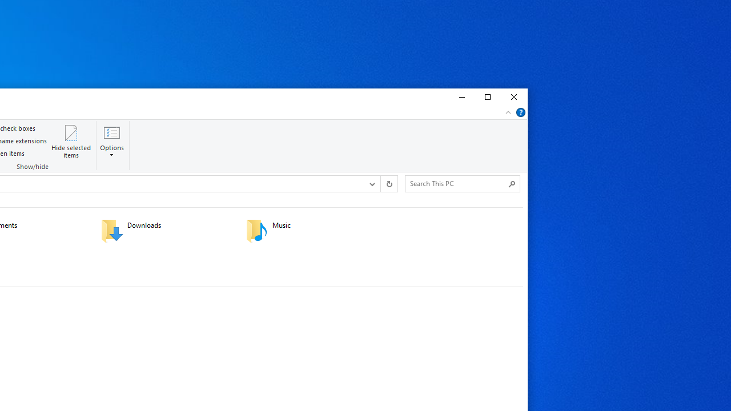  Describe the element at coordinates (388, 183) in the screenshot. I see `'Refresh "This PC" (F5)'` at that location.